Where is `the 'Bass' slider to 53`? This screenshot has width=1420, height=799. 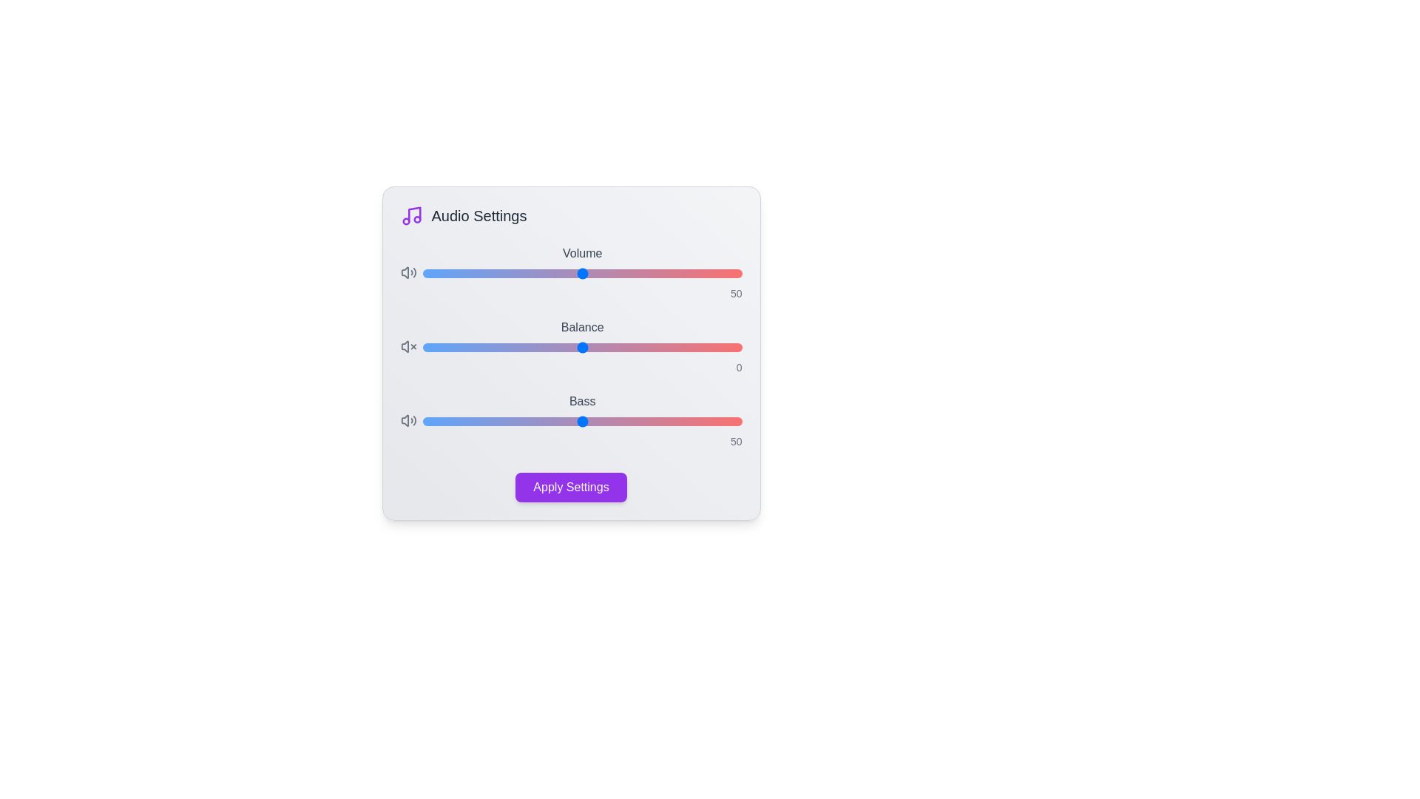
the 'Bass' slider to 53 is located at coordinates (592, 422).